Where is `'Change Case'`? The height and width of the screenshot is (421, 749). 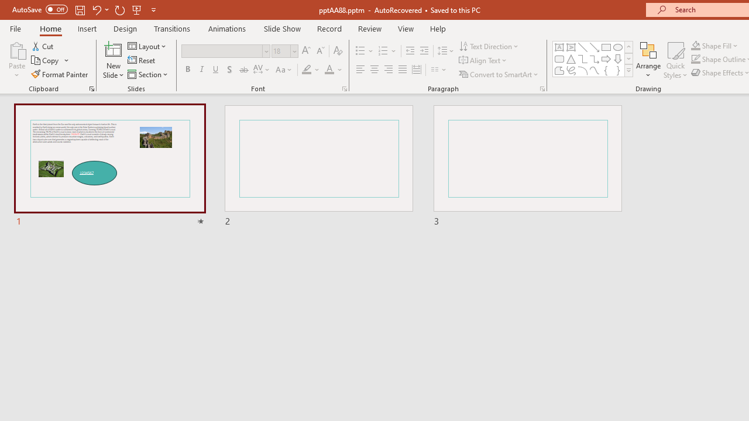
'Change Case' is located at coordinates (284, 70).